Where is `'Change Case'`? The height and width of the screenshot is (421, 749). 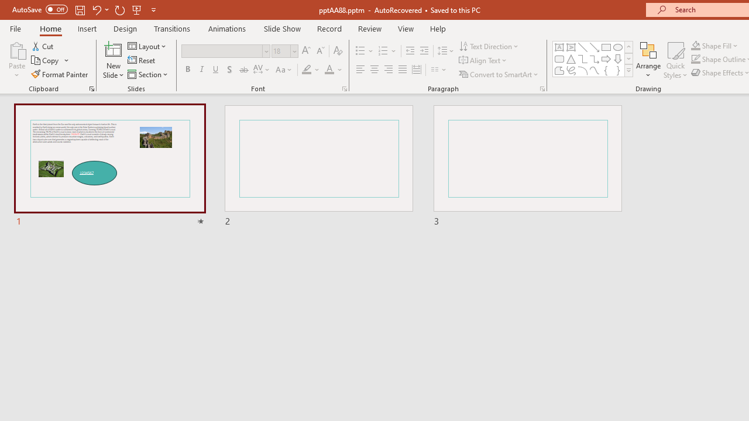
'Change Case' is located at coordinates (284, 70).